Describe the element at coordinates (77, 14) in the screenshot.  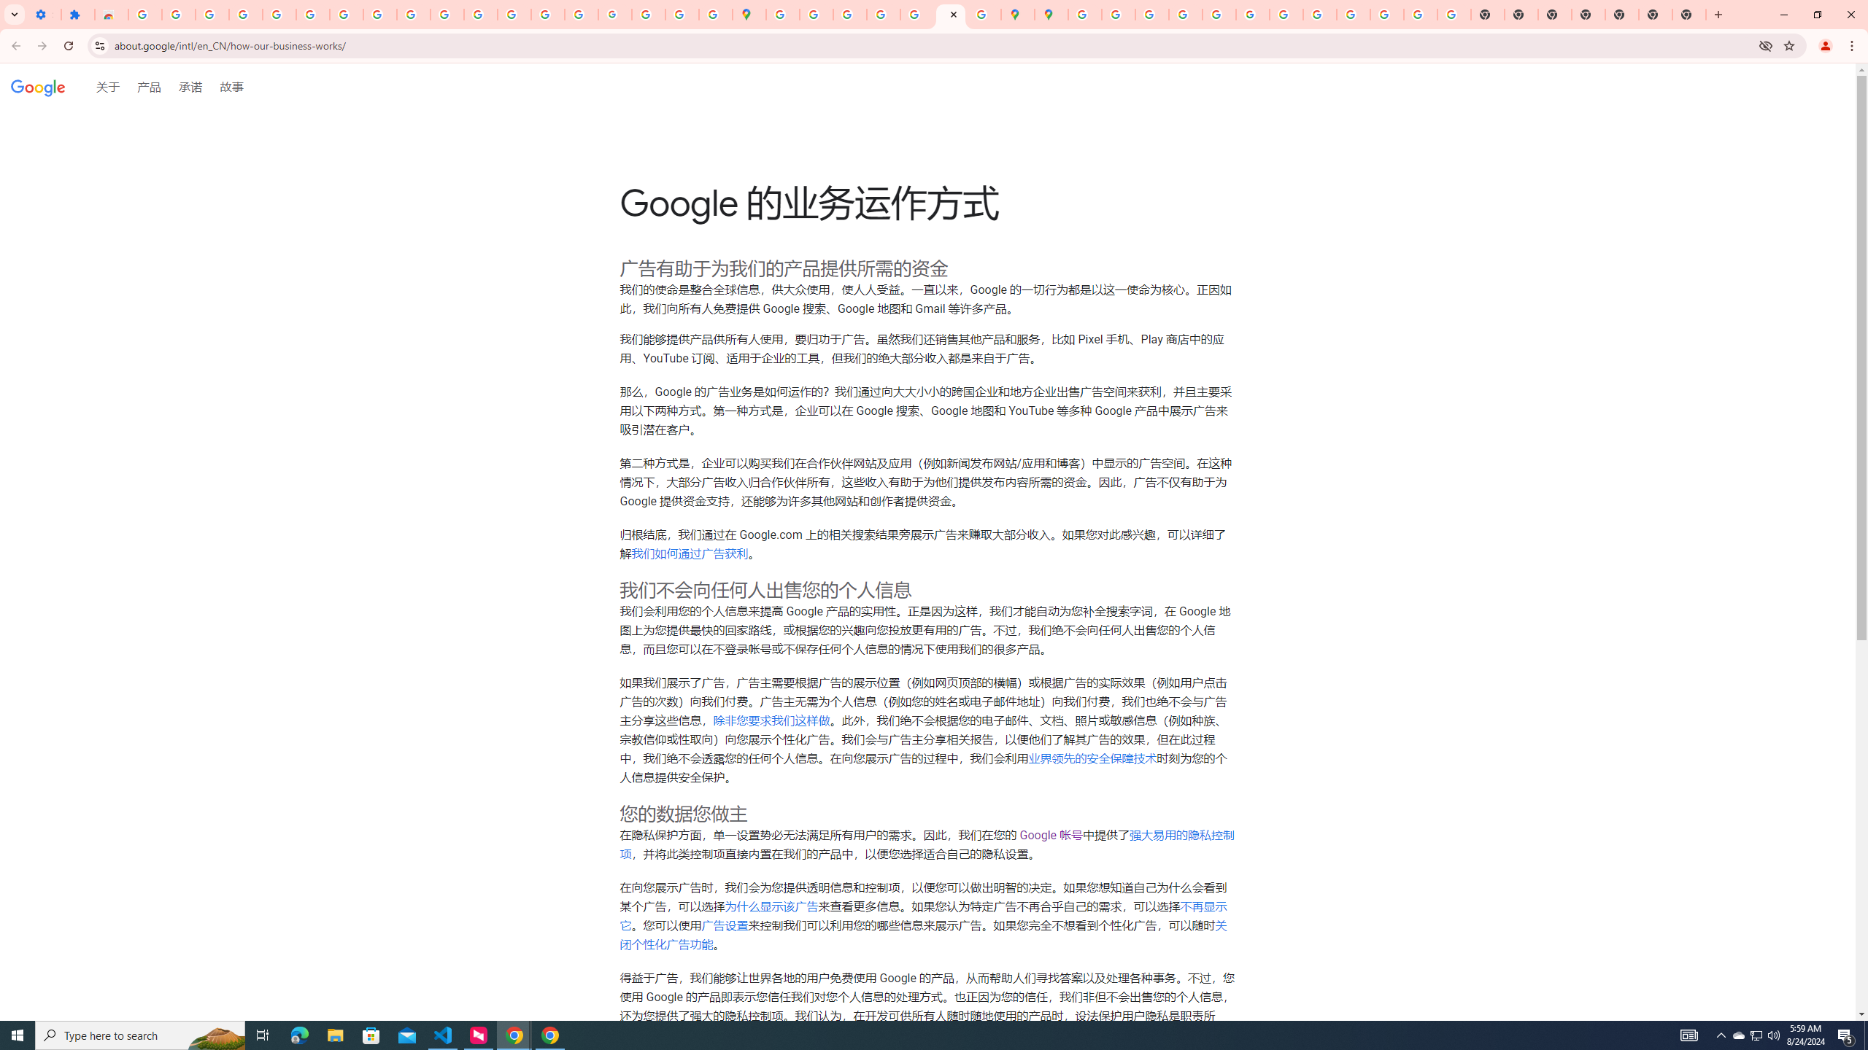
I see `'Extensions'` at that location.